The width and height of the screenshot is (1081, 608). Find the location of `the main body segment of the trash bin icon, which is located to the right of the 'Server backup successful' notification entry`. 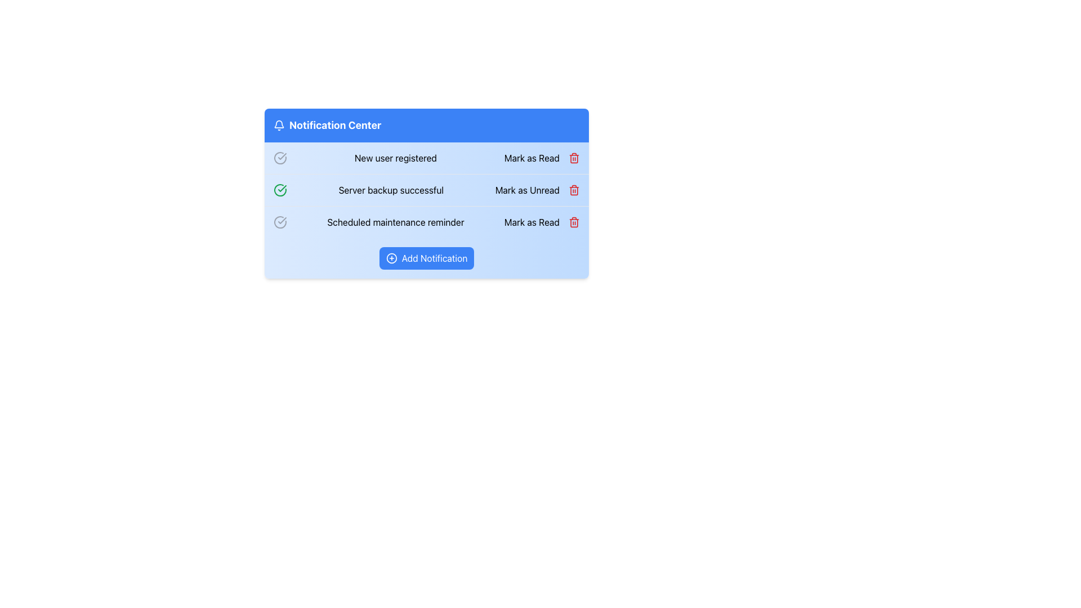

the main body segment of the trash bin icon, which is located to the right of the 'Server backup successful' notification entry is located at coordinates (574, 190).